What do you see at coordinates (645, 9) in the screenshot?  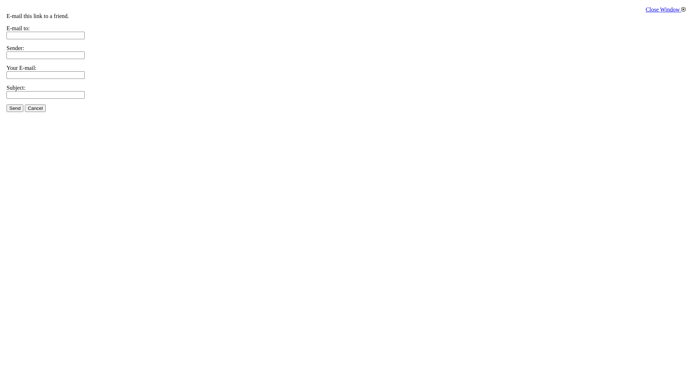 I see `'Close Window'` at bounding box center [645, 9].